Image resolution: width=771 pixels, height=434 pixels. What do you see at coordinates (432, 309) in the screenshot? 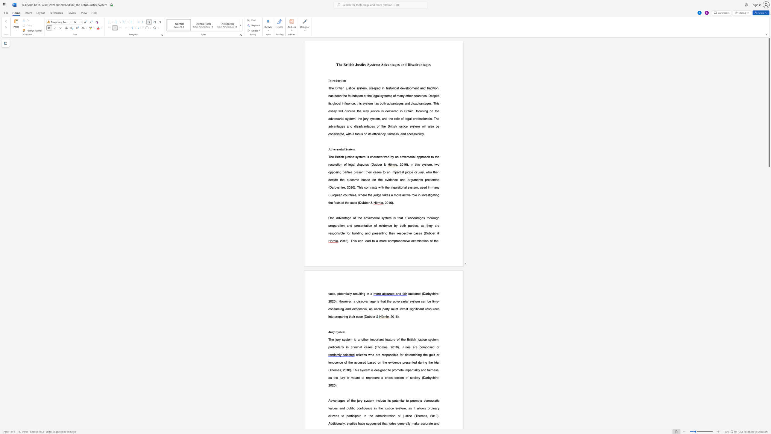
I see `the subset text "urces into preparing their cas" within the text "). However, a disadvantage is that the adversarial system can be time-consuming and expensive, as each party must invest significant resources into preparing their case"` at bounding box center [432, 309].